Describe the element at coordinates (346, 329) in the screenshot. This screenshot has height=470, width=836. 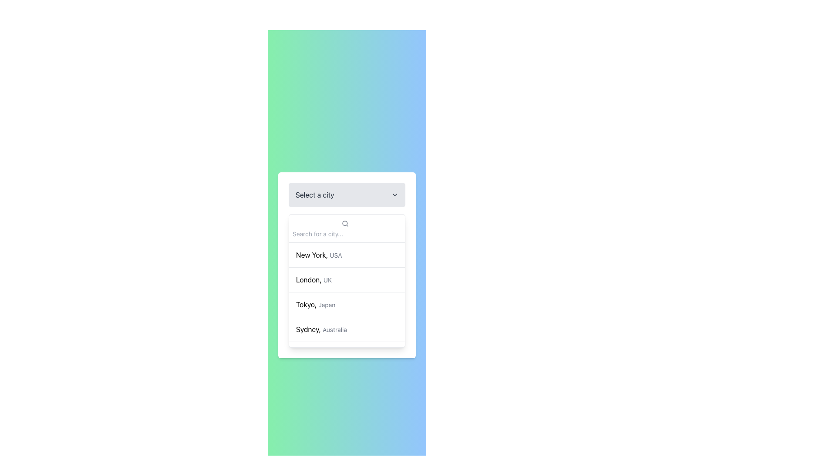
I see `the dropdown list item for 'Sydney, Australia', which is the fourth item in the list, located below 'Tokyo, Japan' and above 'Paris, France'` at that location.